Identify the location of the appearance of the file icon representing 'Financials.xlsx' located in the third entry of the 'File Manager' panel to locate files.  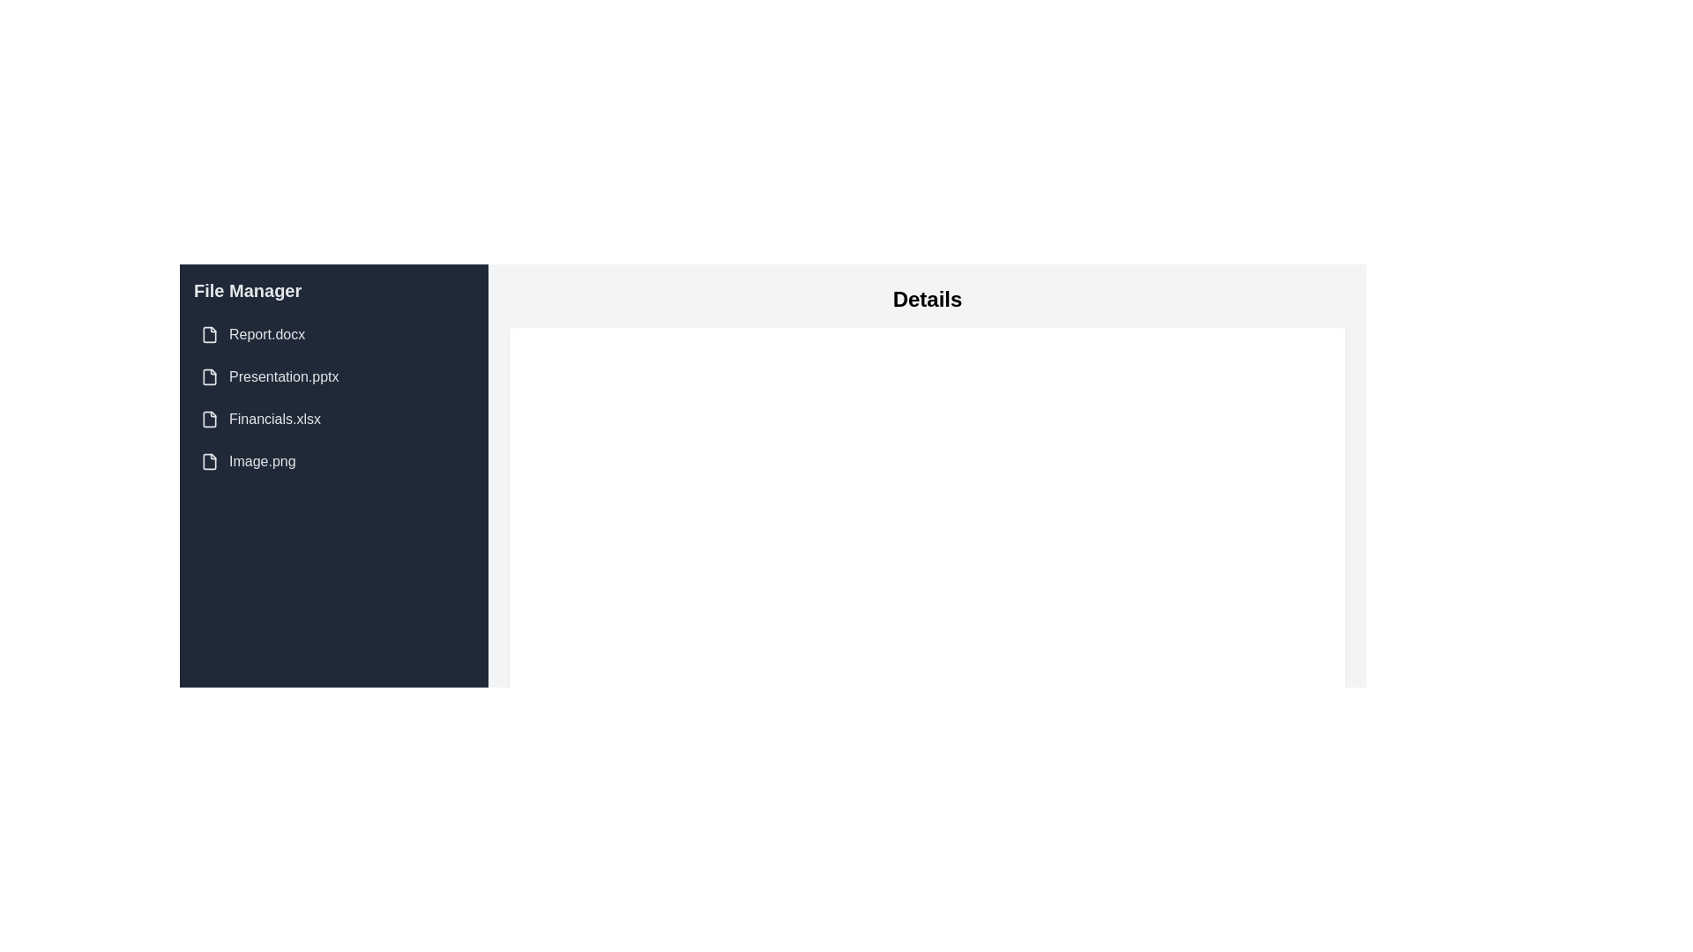
(210, 419).